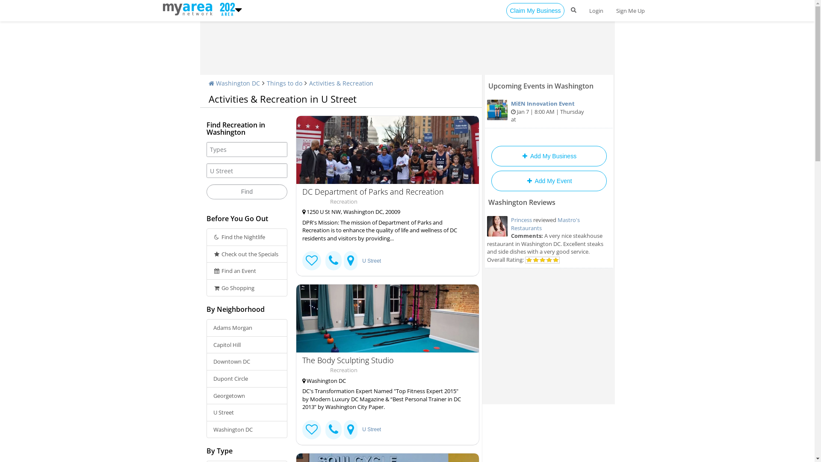  I want to click on 'Capitol Hill', so click(246, 344).